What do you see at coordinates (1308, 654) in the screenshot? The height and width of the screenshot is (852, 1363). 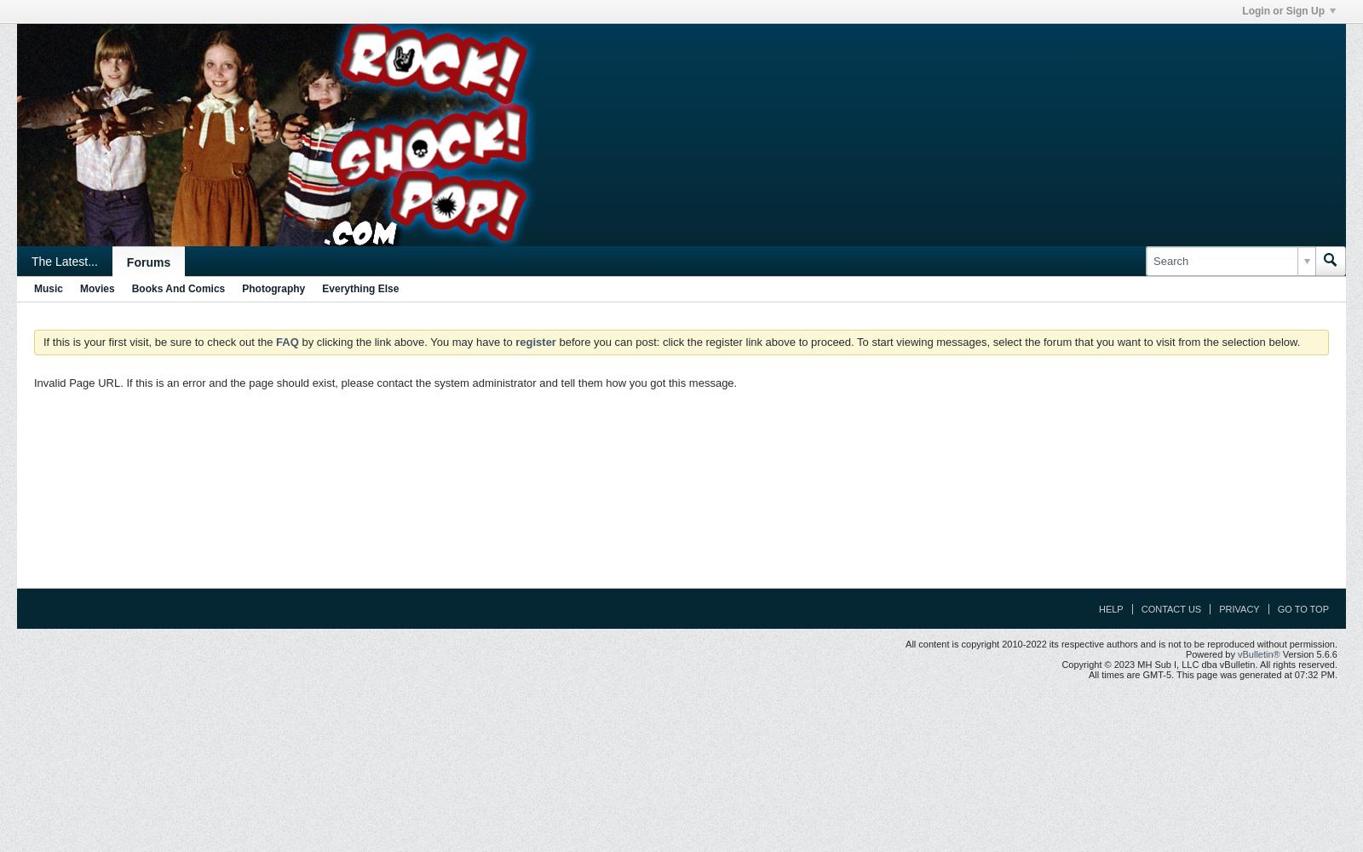 I see `'Version 5.6.6'` at bounding box center [1308, 654].